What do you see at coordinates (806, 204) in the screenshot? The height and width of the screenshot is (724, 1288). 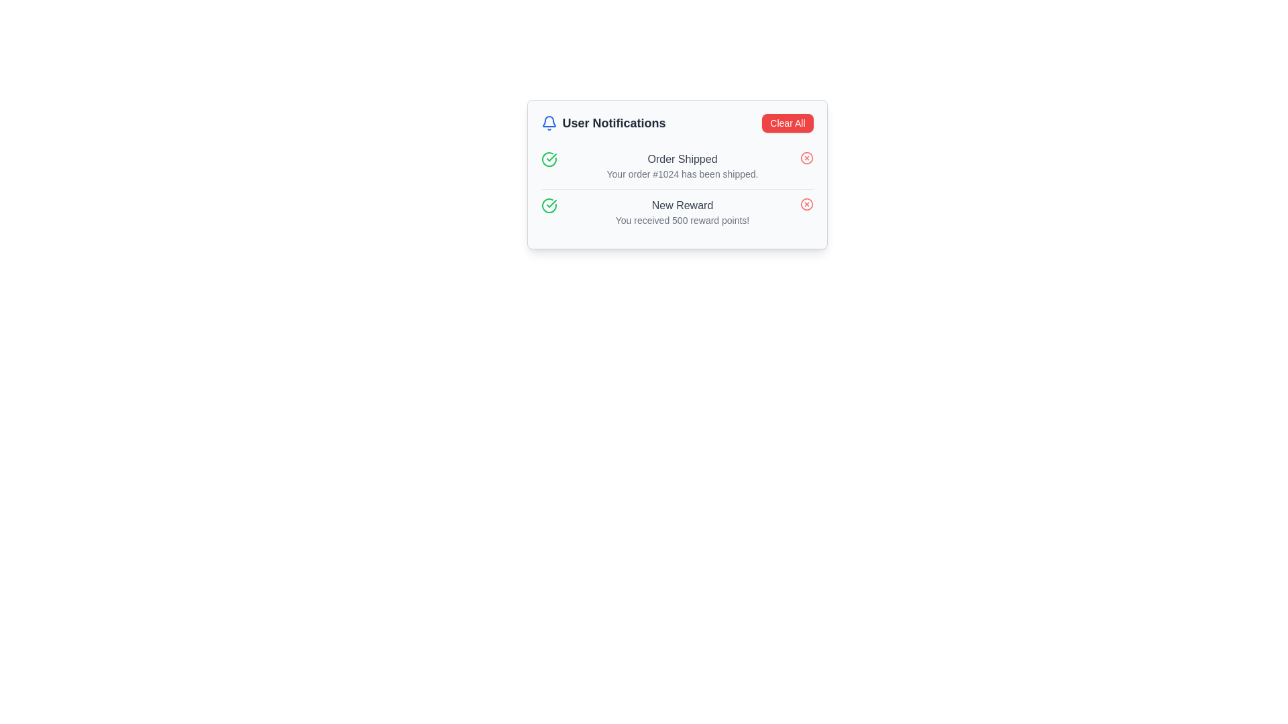 I see `the dismiss button for the 'New Reward' notification` at bounding box center [806, 204].